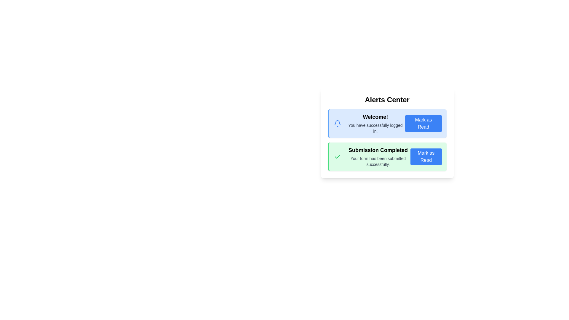 This screenshot has width=569, height=320. Describe the element at coordinates (337, 156) in the screenshot. I see `the small green checkmark icon located in the top-left corner of the 'Submission Completed' notification card within the Alerts Center` at that location.